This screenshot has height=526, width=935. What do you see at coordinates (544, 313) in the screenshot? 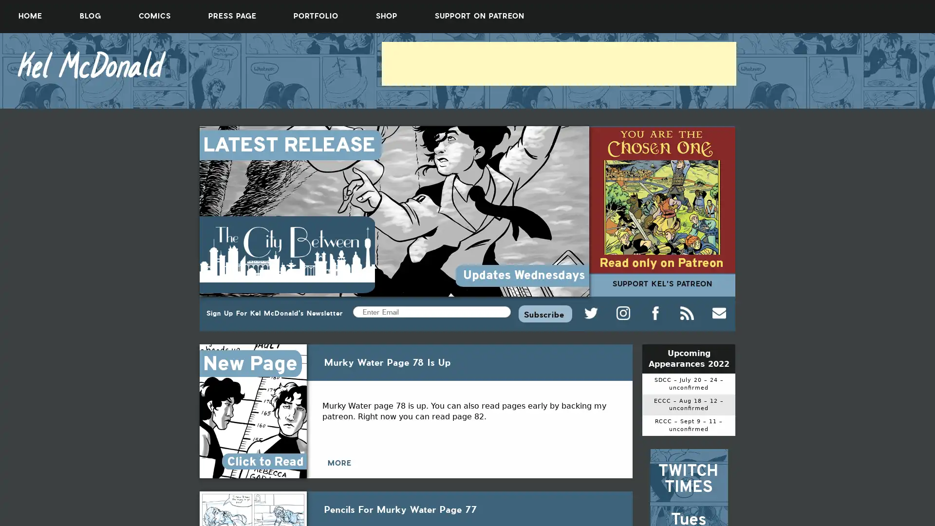
I see `Subscribe` at bounding box center [544, 313].